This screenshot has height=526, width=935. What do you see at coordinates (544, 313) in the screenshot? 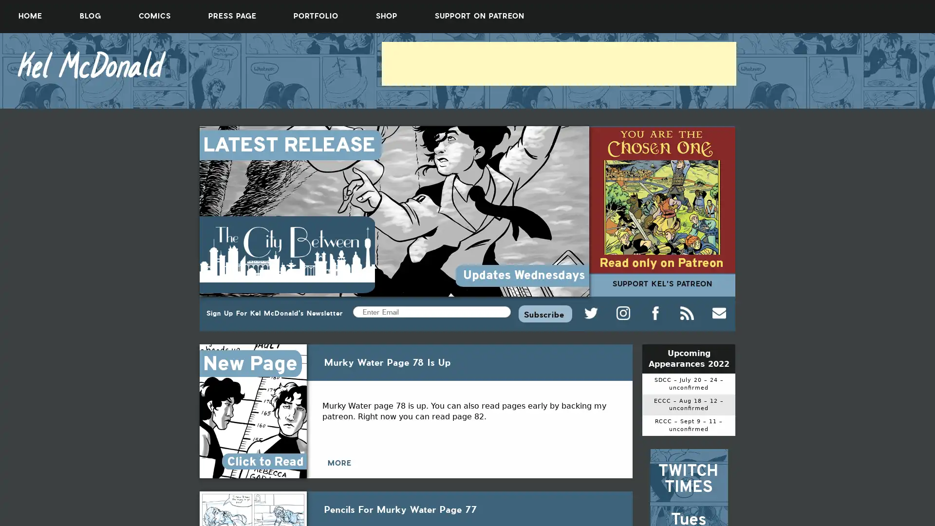
I see `Subscribe` at bounding box center [544, 313].